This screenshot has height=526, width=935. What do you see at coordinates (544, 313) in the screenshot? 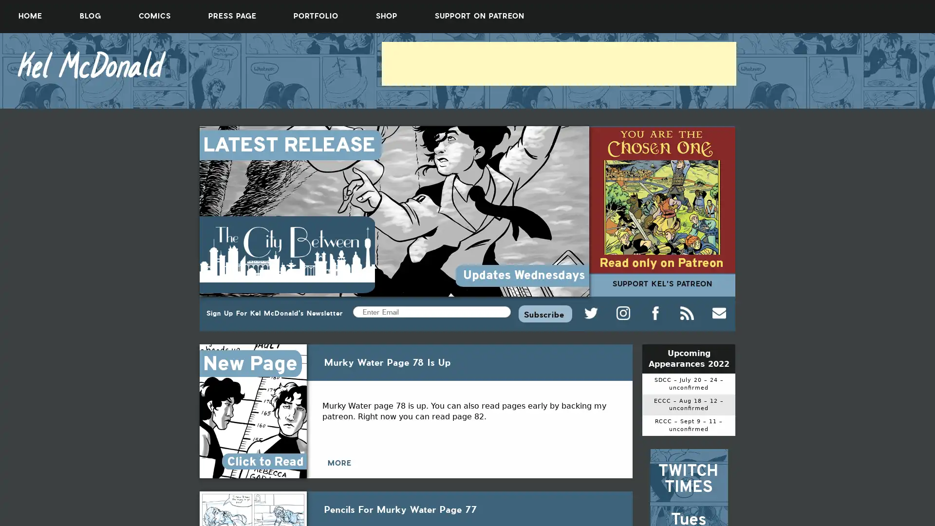
I see `Subscribe` at bounding box center [544, 313].